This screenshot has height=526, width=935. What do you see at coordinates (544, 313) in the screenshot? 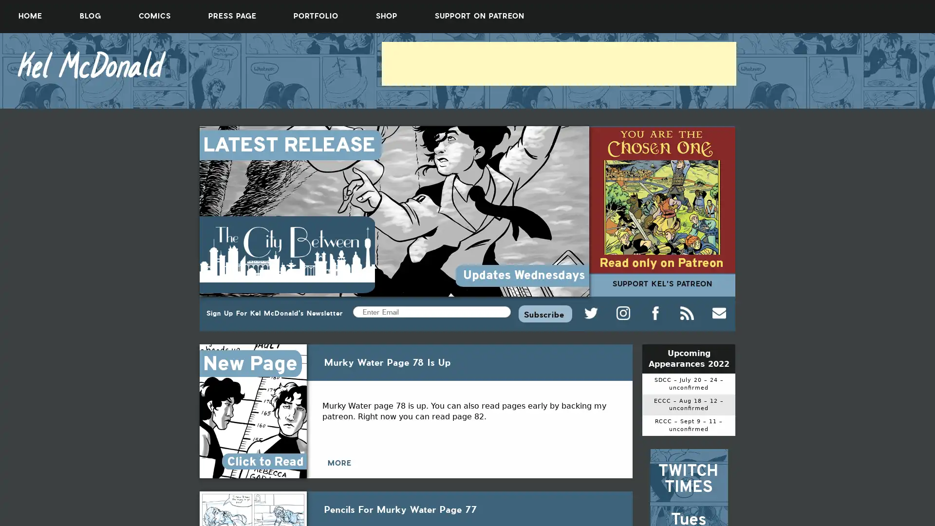
I see `Subscribe` at bounding box center [544, 313].